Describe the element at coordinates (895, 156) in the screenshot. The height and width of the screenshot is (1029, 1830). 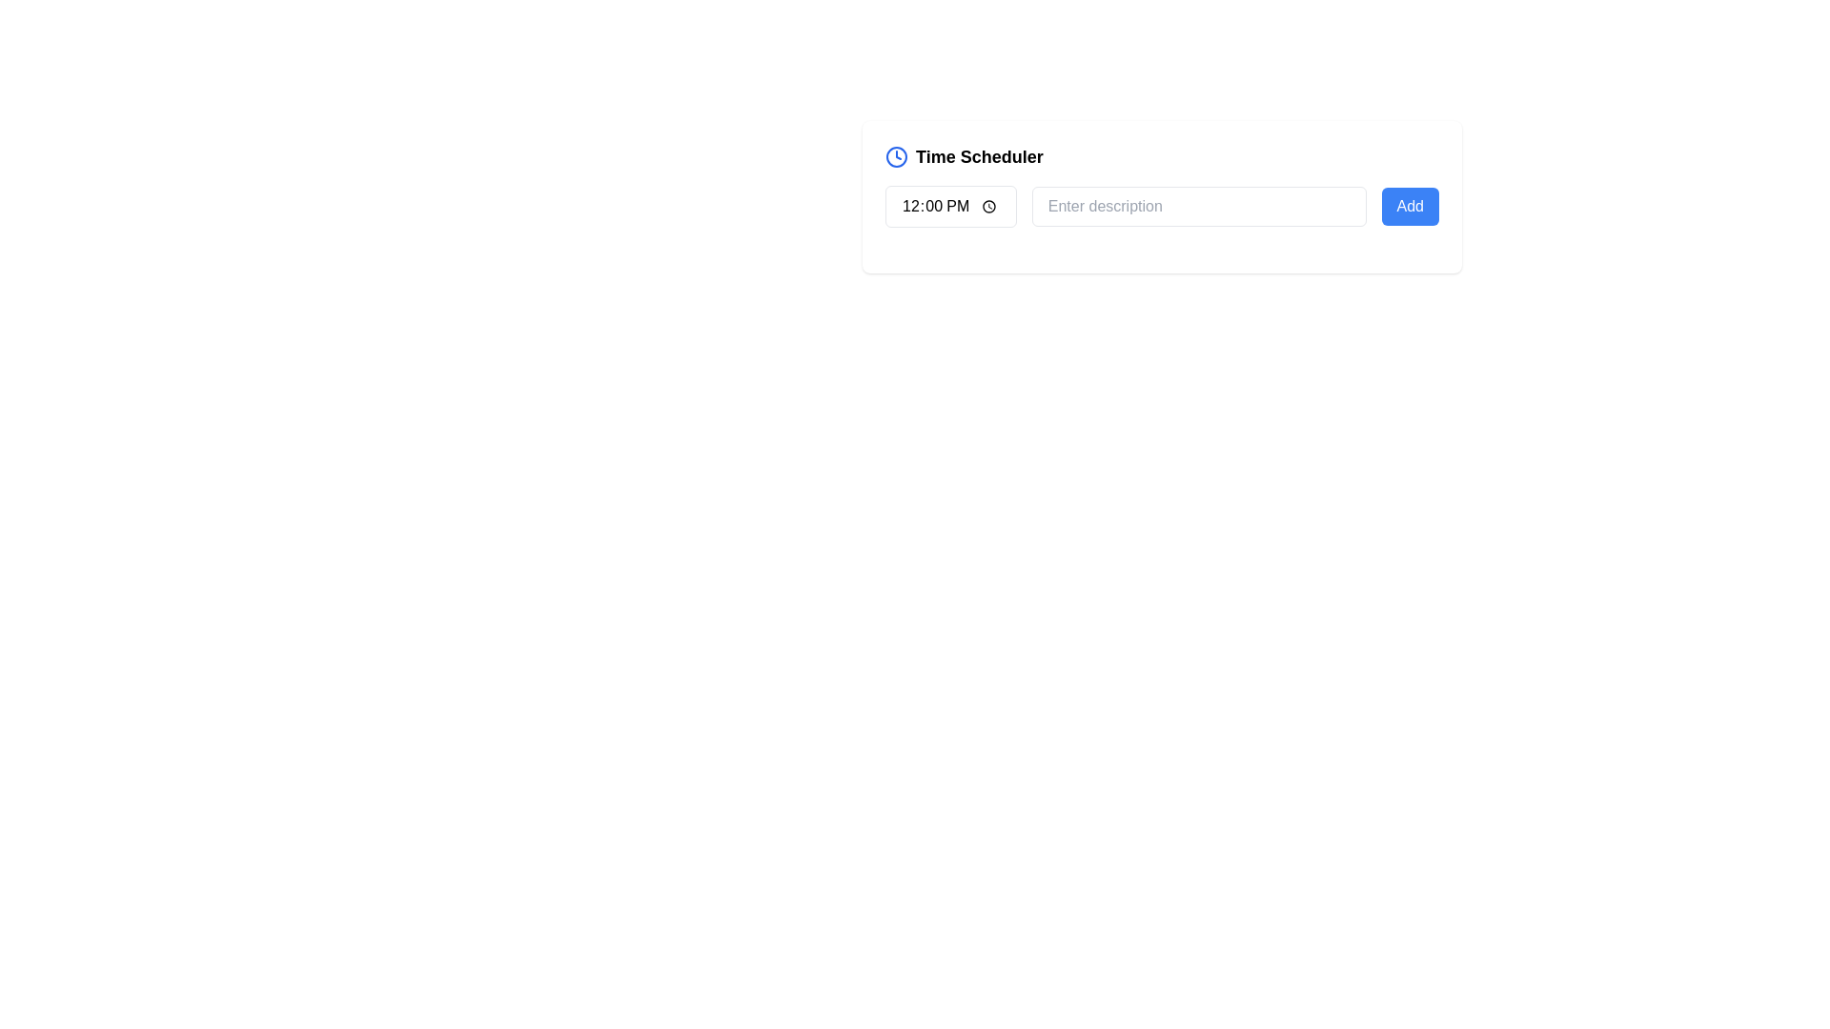
I see `the Circle element in the SVG graphic, which is part of the clock icon related to time scheduling functionality, positioned to the left of the 'Time Scheduler' title` at that location.